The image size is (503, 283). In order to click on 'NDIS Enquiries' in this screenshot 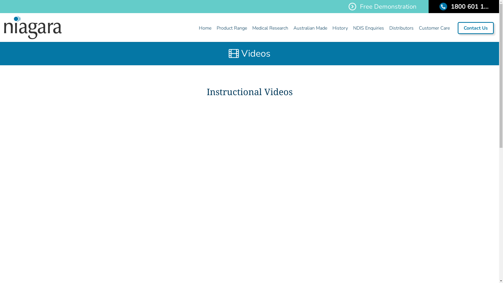, I will do `click(368, 28)`.